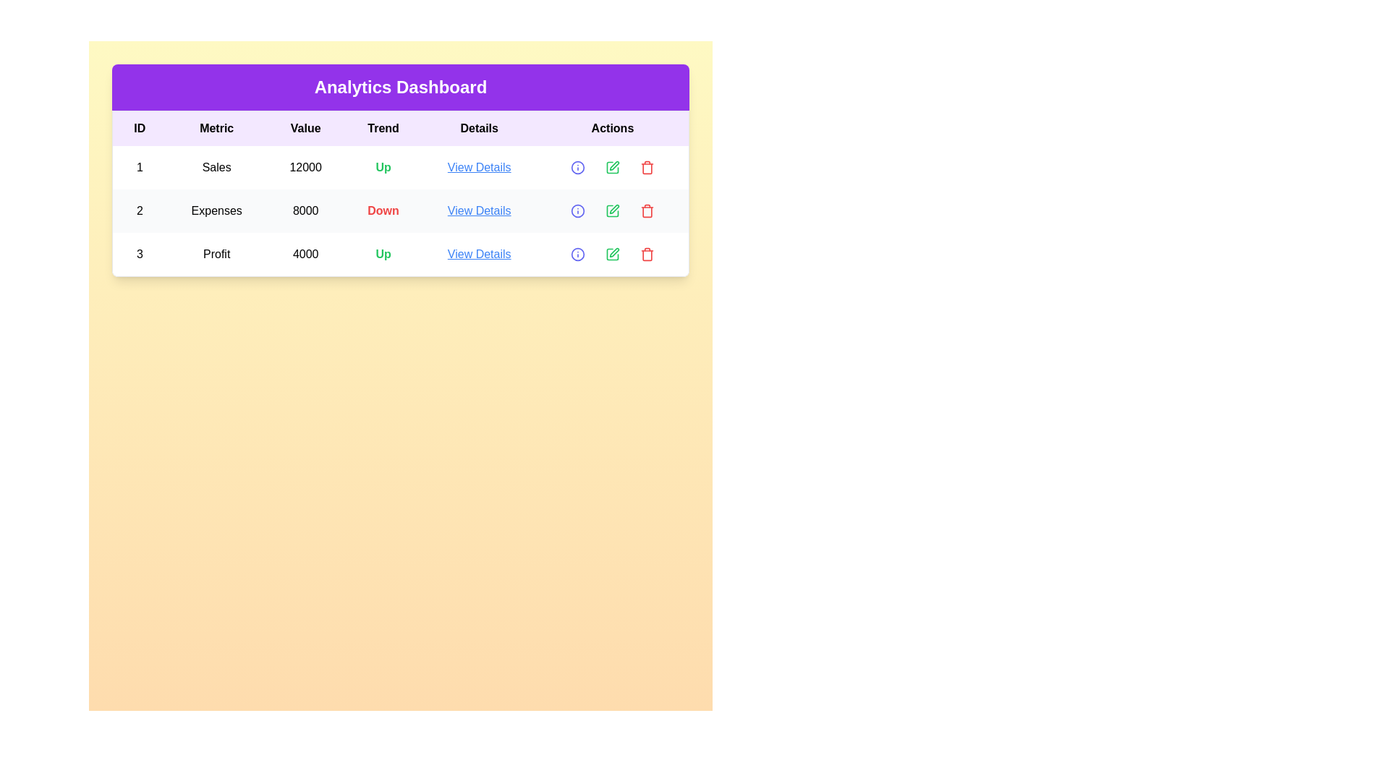 The width and height of the screenshot is (1389, 781). Describe the element at coordinates (140, 166) in the screenshot. I see `the first table cell displaying the unique numeric identifier '1' for the 'Sales' metric, located under the 'ID' column header` at that location.